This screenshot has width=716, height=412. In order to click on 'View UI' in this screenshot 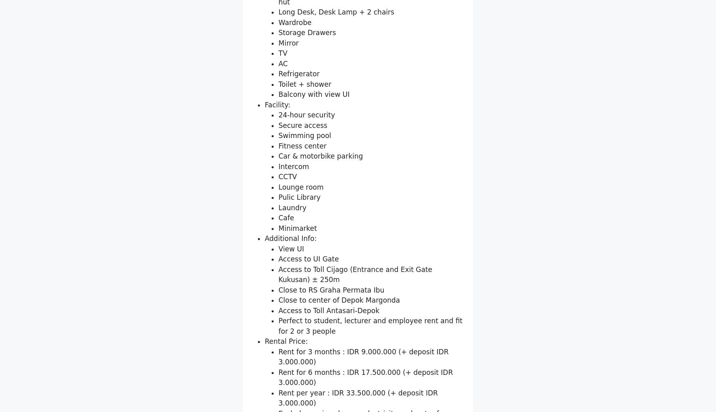, I will do `click(291, 343)`.